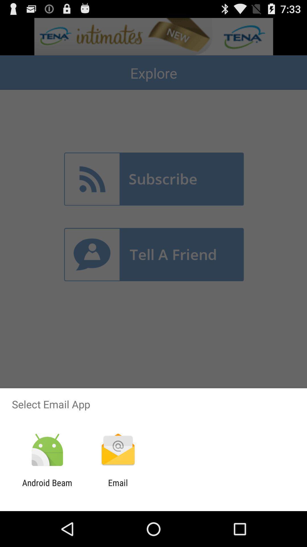  I want to click on app next to the email, so click(47, 487).